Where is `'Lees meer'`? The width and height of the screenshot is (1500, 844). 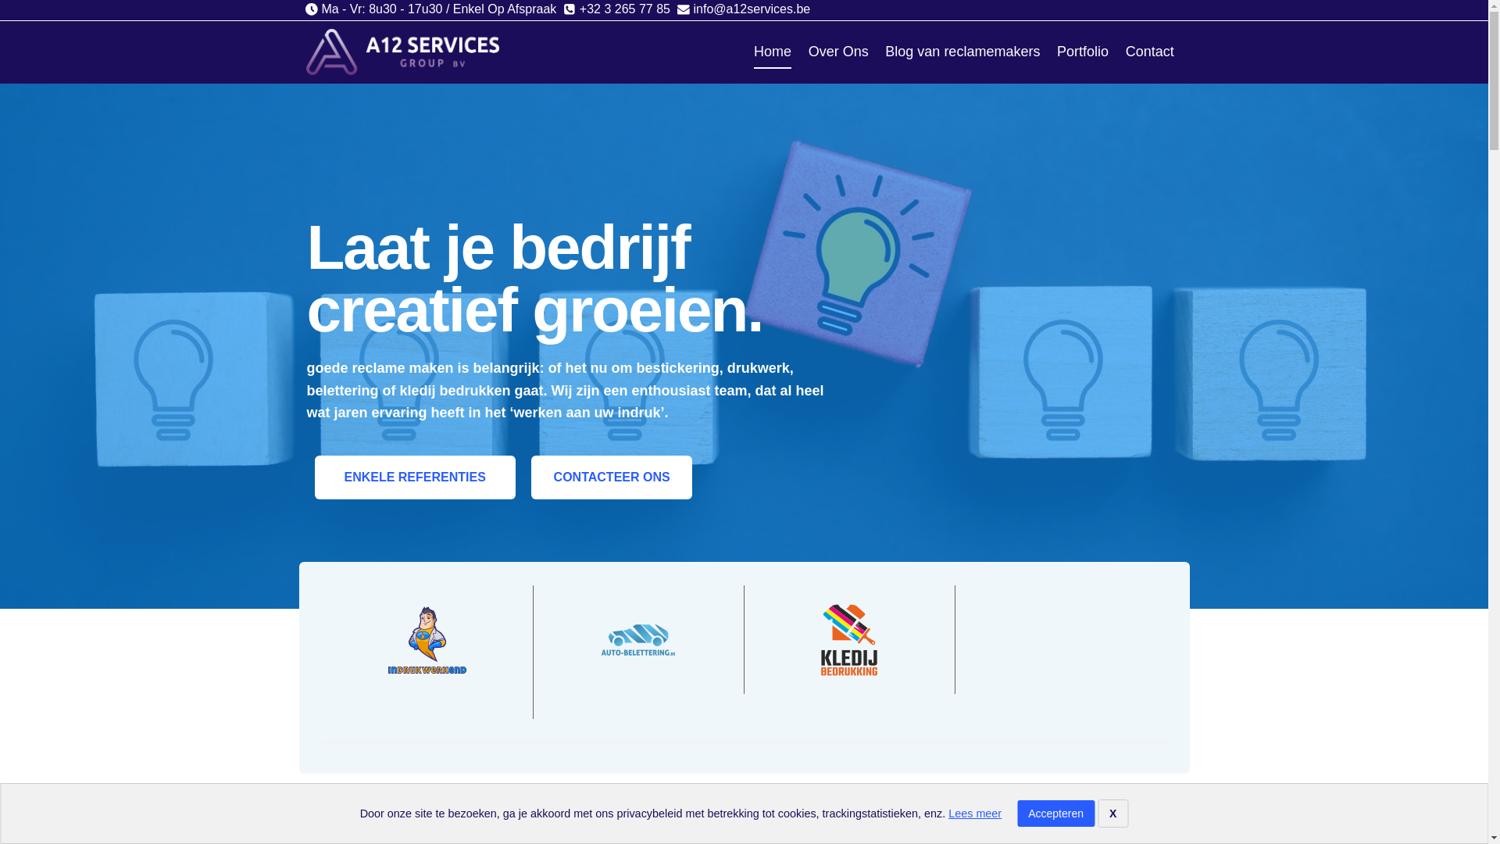 'Lees meer' is located at coordinates (974, 813).